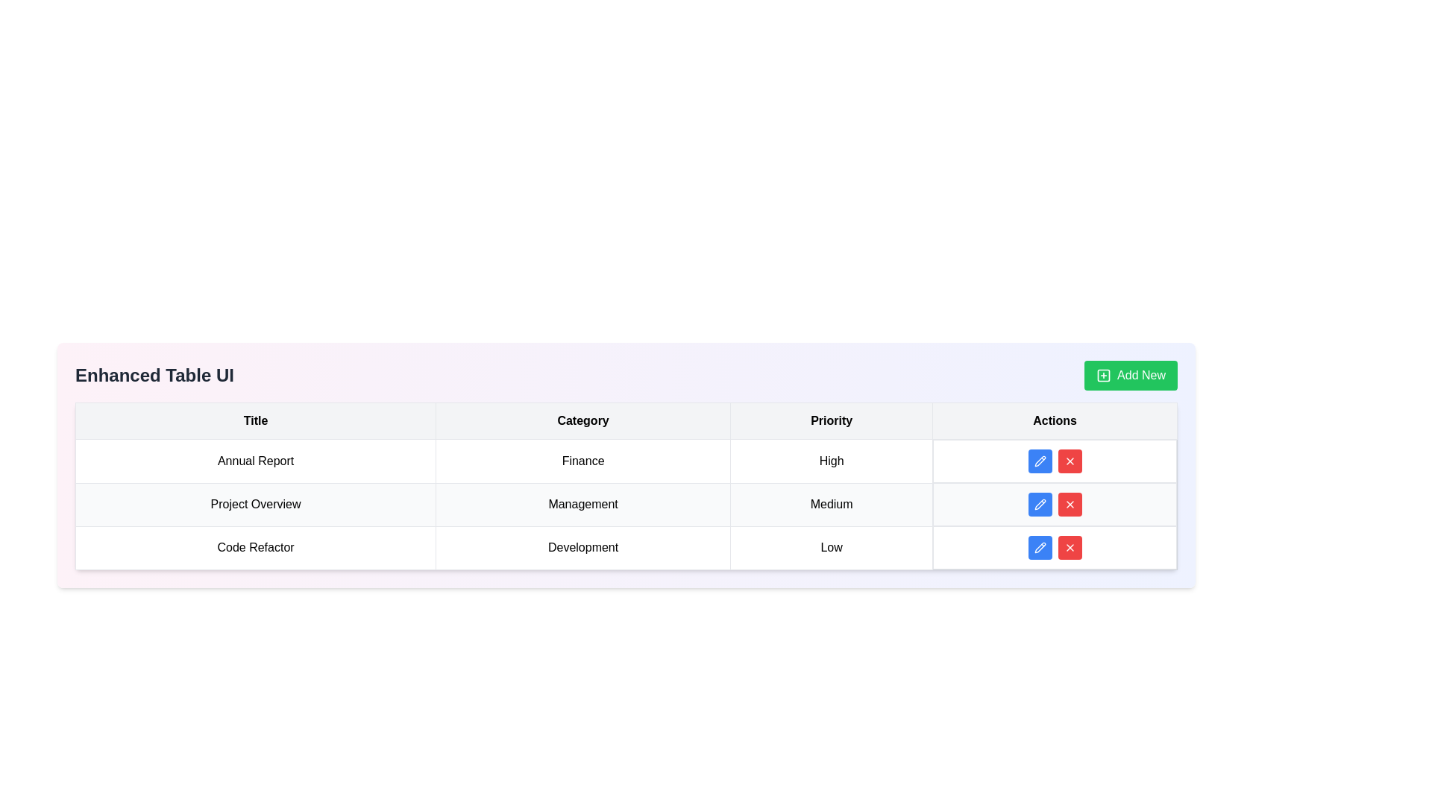 Image resolution: width=1432 pixels, height=805 pixels. What do you see at coordinates (1054, 420) in the screenshot?
I see `the 'Actions' column header in the table, which is the fourth header after 'Title', 'Category', and 'Priority'` at bounding box center [1054, 420].